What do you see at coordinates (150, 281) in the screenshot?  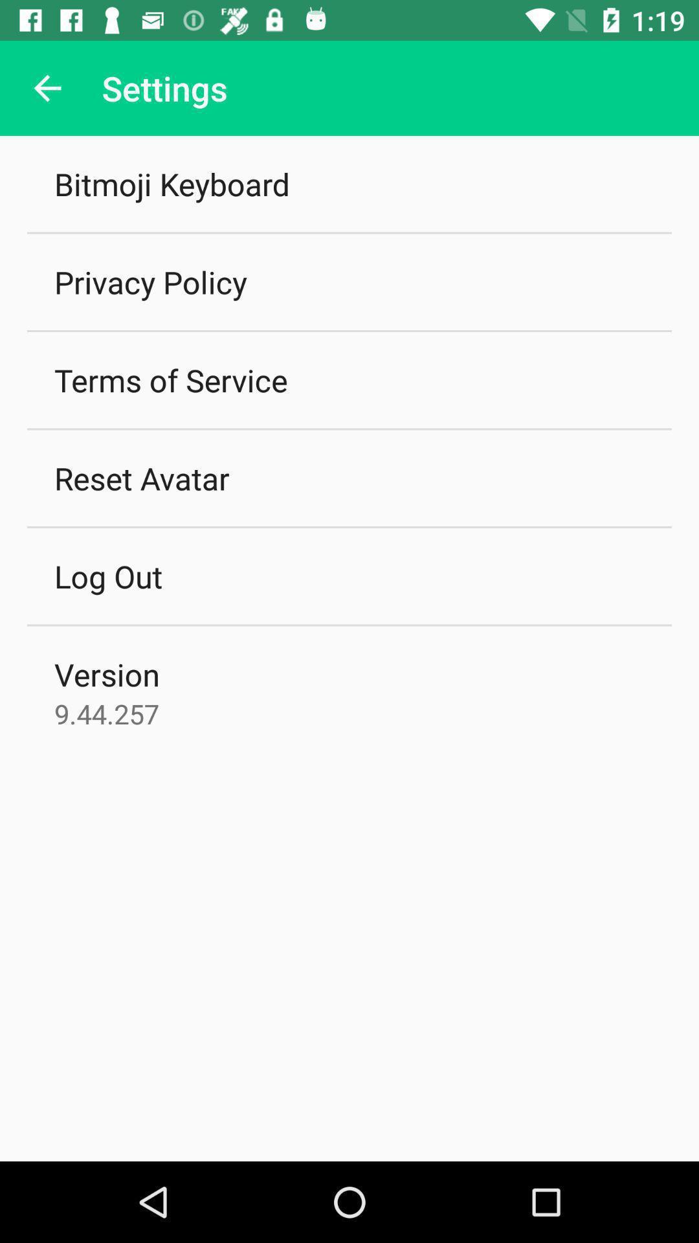 I see `the icon above the terms of service icon` at bounding box center [150, 281].